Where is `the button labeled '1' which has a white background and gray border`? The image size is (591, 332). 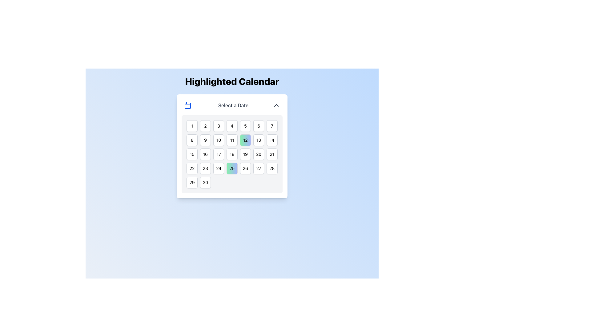 the button labeled '1' which has a white background and gray border is located at coordinates (192, 125).